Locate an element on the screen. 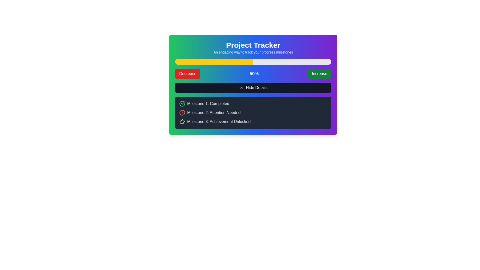  the upward-pointing chevron icon located to the left of the 'Hide Details' button for additional visual feedback is located at coordinates (241, 87).